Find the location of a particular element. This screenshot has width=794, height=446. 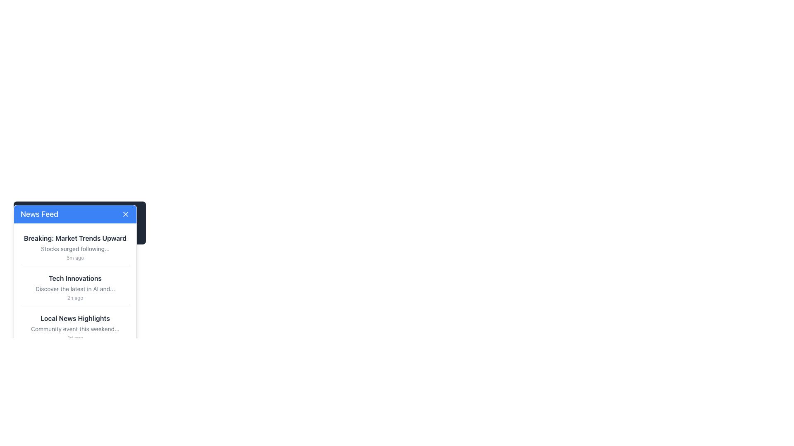

the headline text element of the first news item in the vertical list is located at coordinates (75, 238).